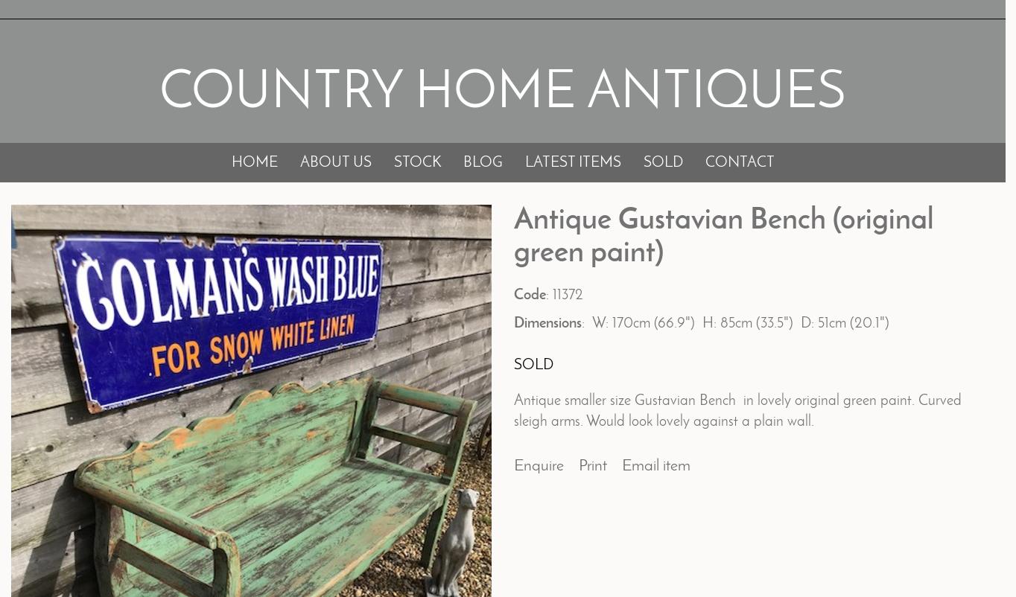  Describe the element at coordinates (591, 324) in the screenshot. I see `'W: 170cm (66.9")'` at that location.